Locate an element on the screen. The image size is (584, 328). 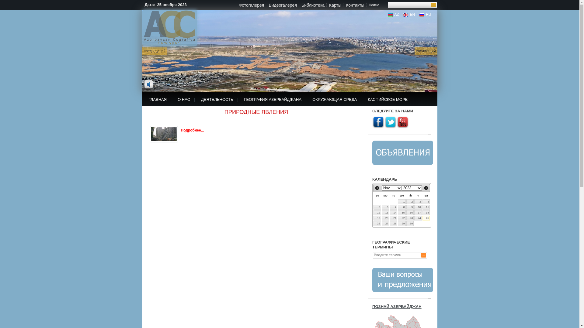
'19' is located at coordinates (377, 217).